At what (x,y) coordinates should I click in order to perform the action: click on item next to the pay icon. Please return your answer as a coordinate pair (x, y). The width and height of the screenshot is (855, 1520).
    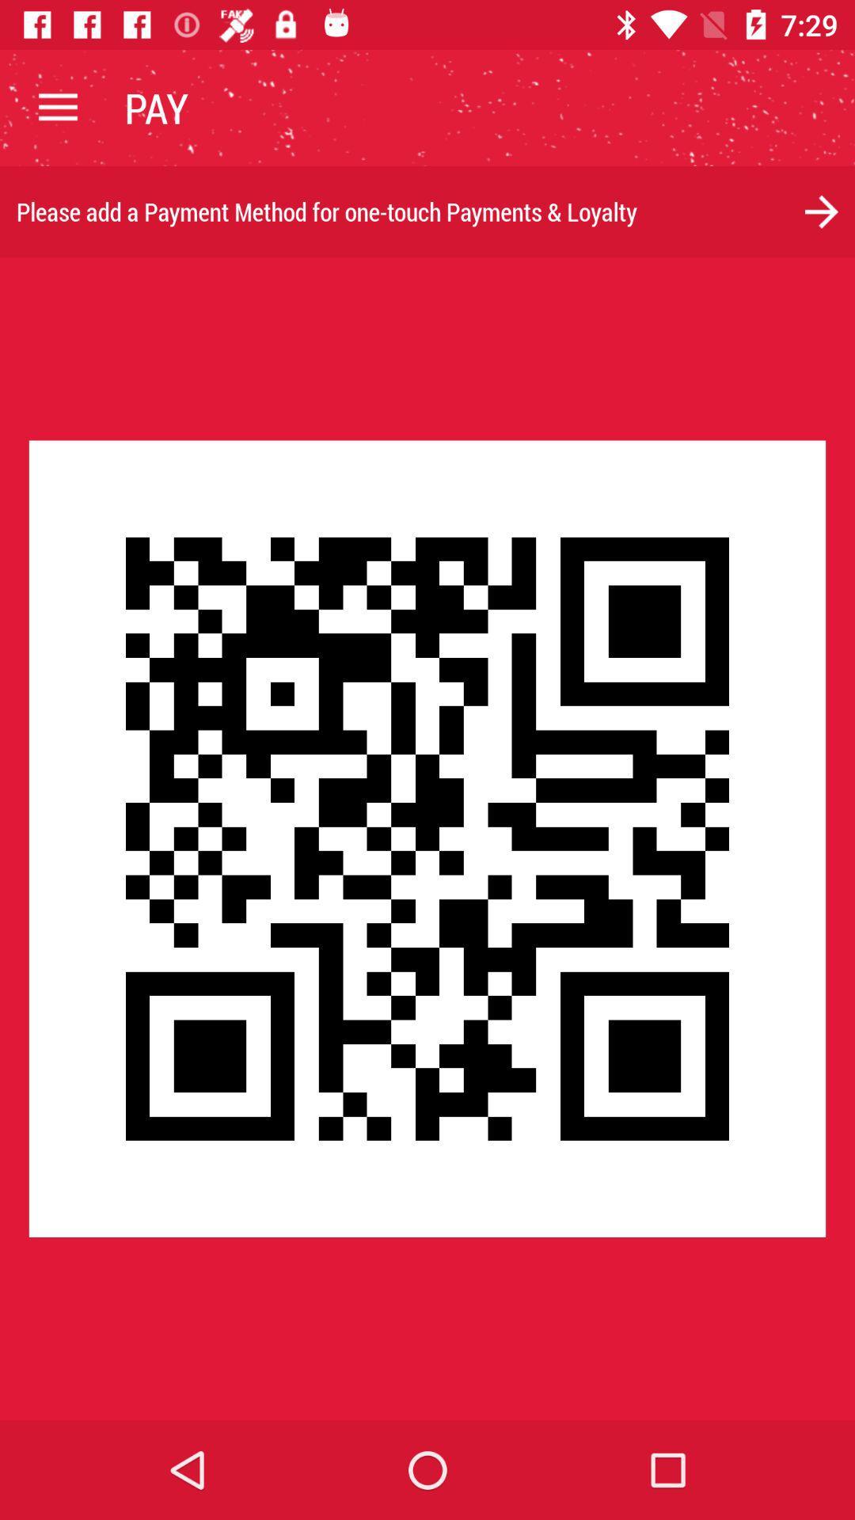
    Looking at the image, I should click on (57, 107).